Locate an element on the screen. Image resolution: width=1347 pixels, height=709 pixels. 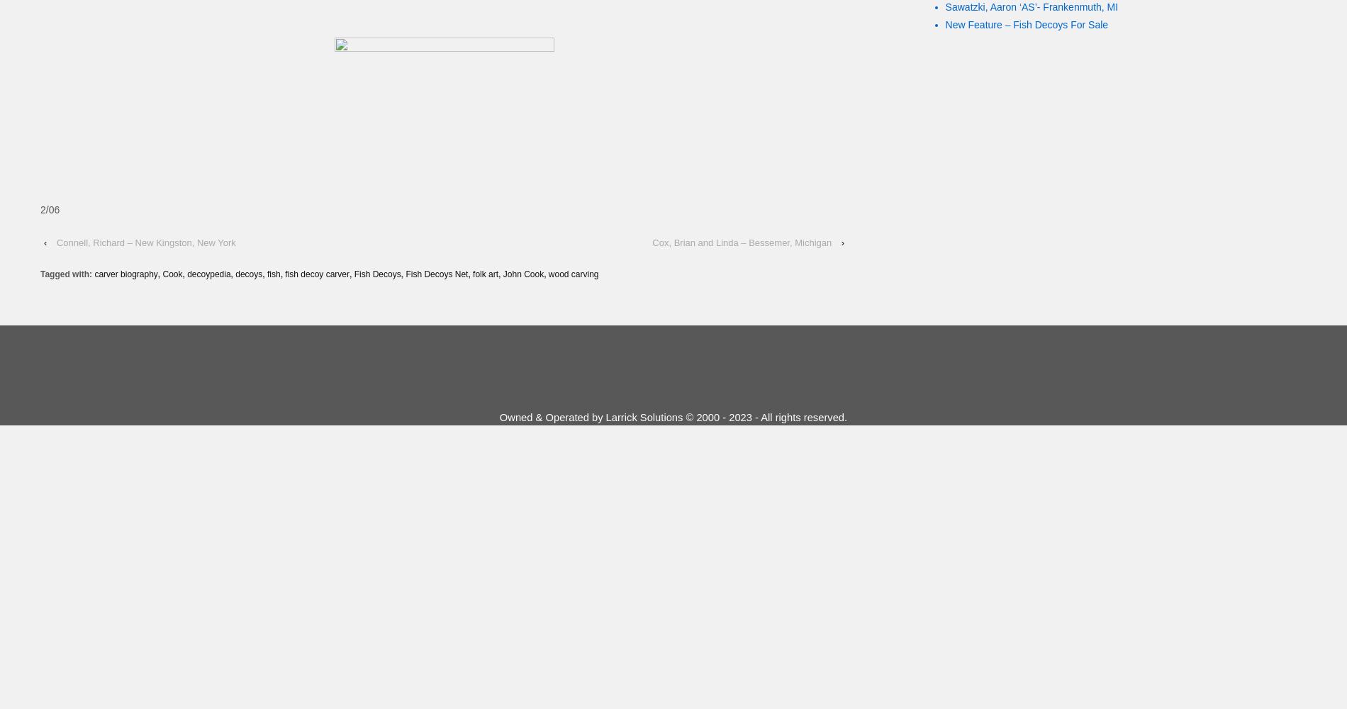
'decoys' is located at coordinates (234, 274).